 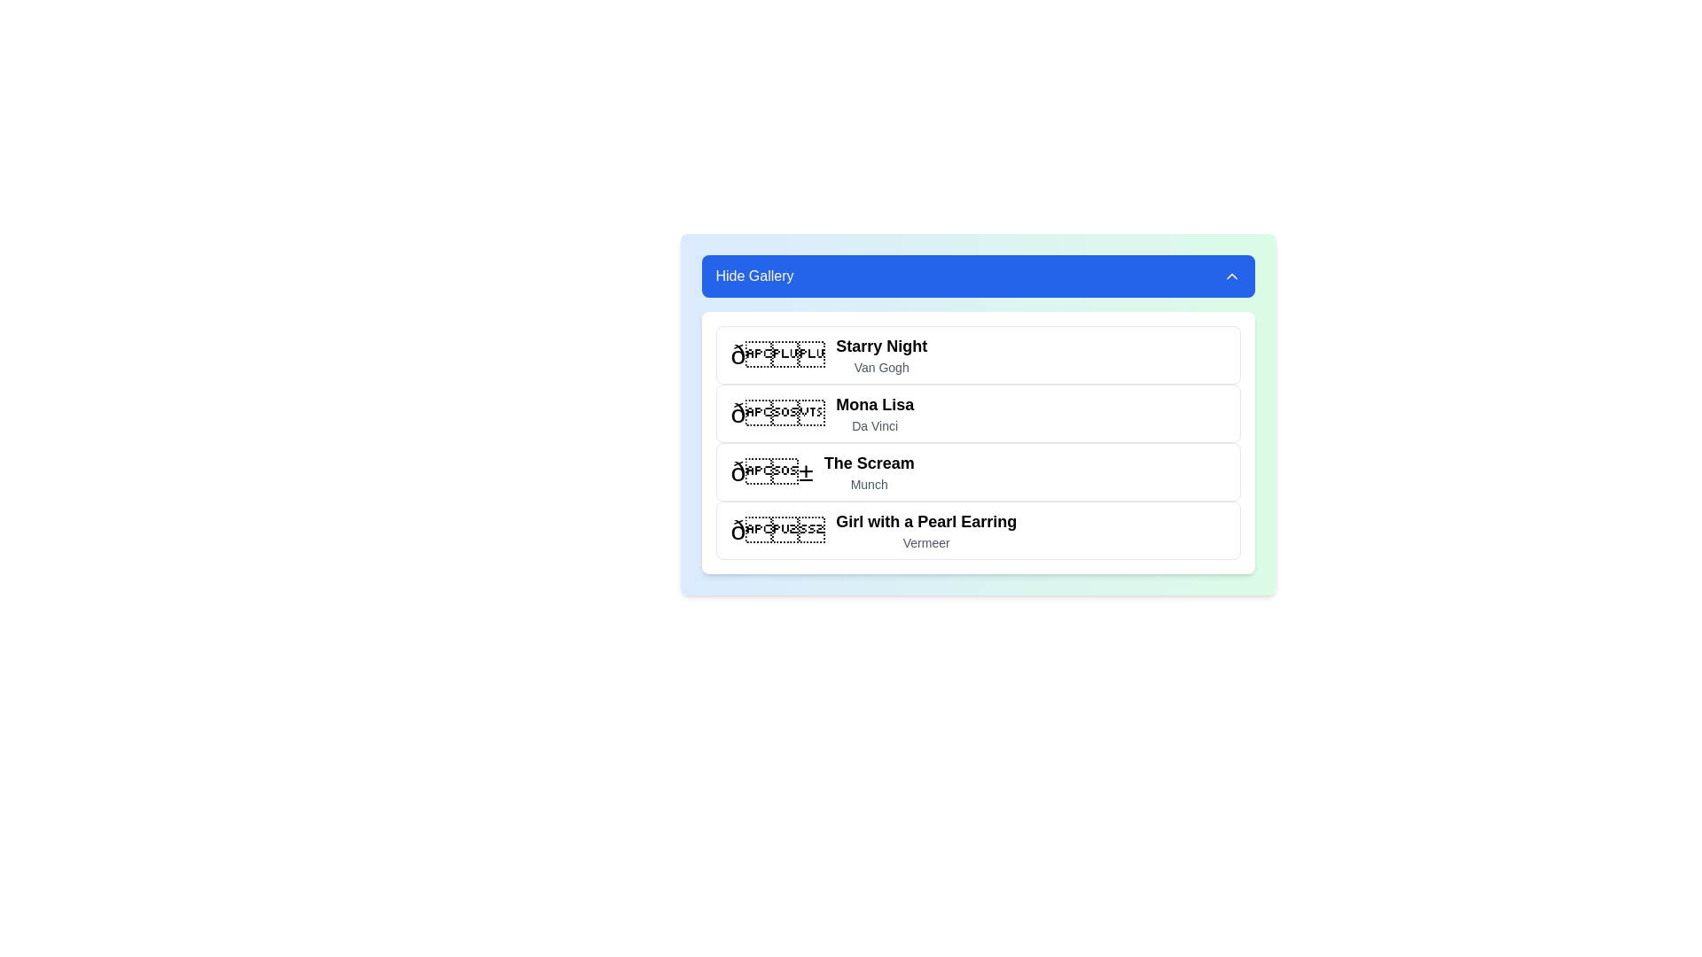 I want to click on the list item titled 'Girl with a Pearl Earring', so click(x=977, y=529).